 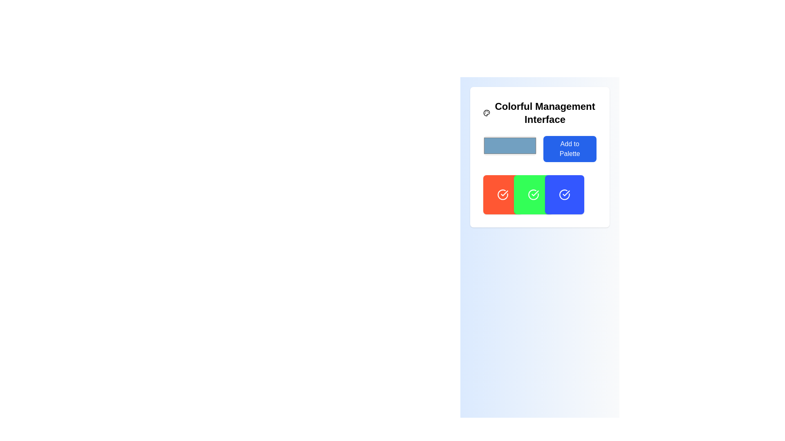 What do you see at coordinates (534, 195) in the screenshot?
I see `the confirmation button located in the second column of the bottom row in a grid of four elements` at bounding box center [534, 195].